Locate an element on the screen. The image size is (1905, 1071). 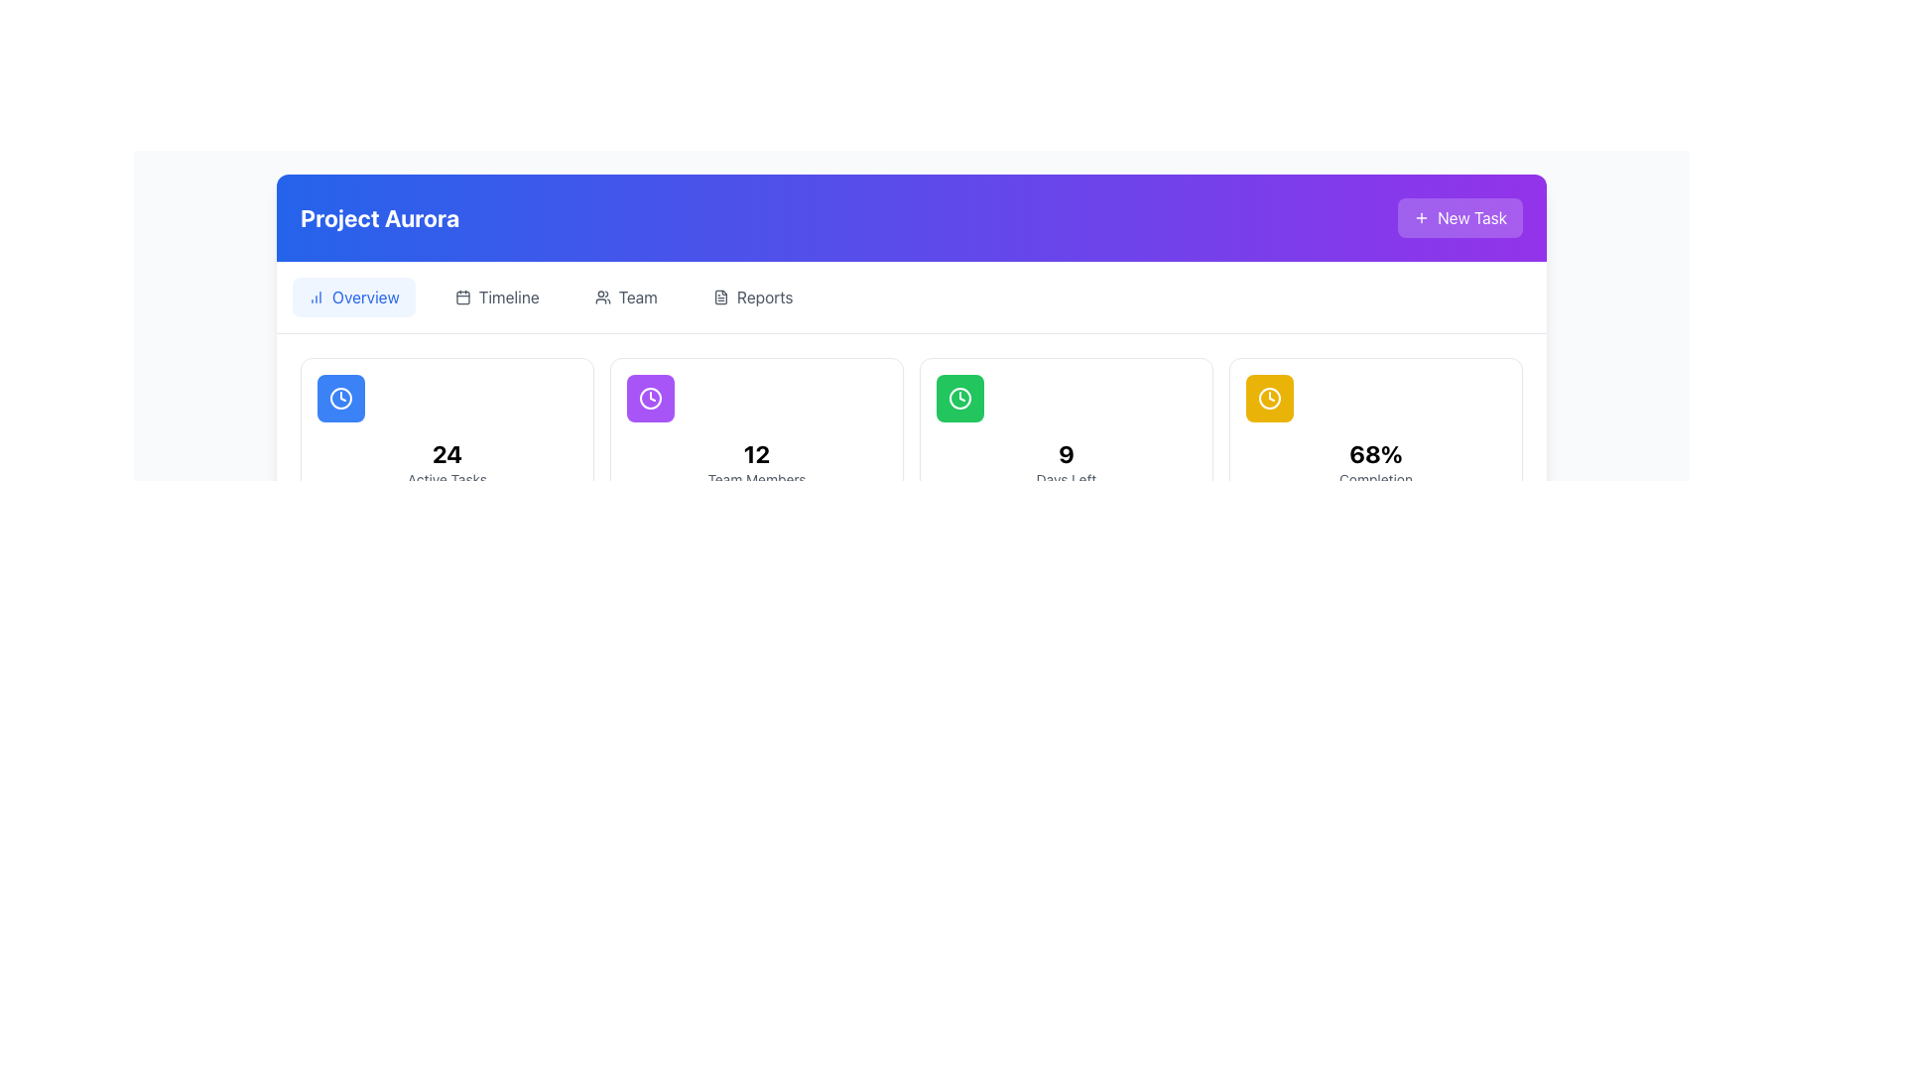
the Plus-shaped SVG Icon located within the 'New Task' button at the top-right corner of the interface is located at coordinates (1421, 217).